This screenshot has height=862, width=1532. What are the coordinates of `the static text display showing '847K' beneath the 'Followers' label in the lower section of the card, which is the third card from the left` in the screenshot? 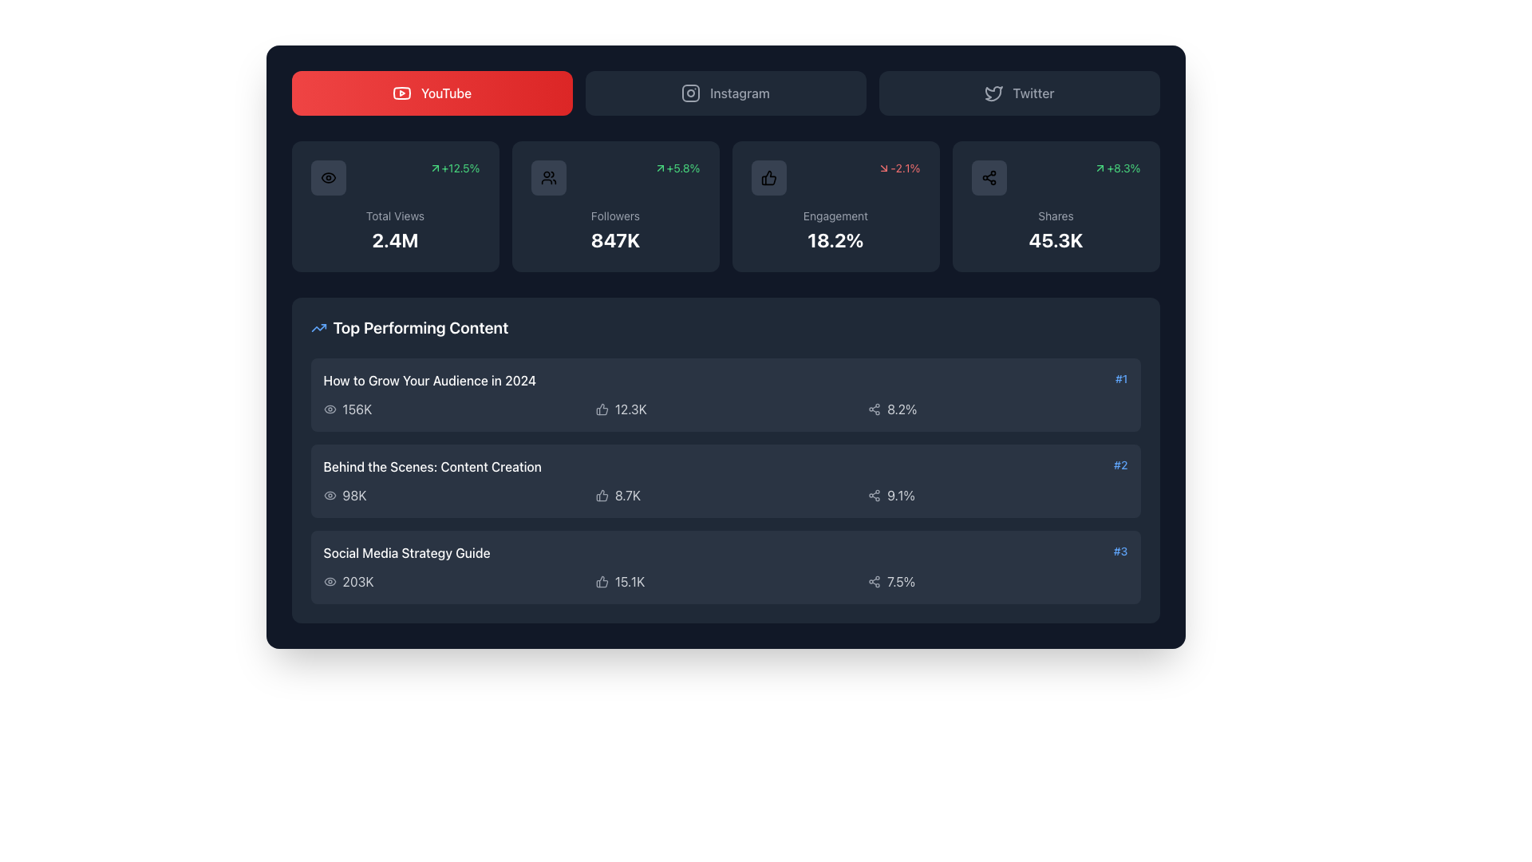 It's located at (614, 239).